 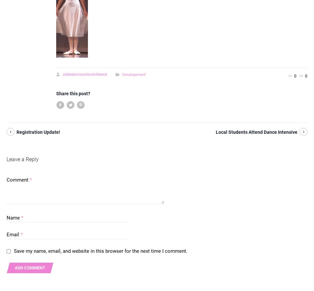 I want to click on 'Name', so click(x=7, y=218).